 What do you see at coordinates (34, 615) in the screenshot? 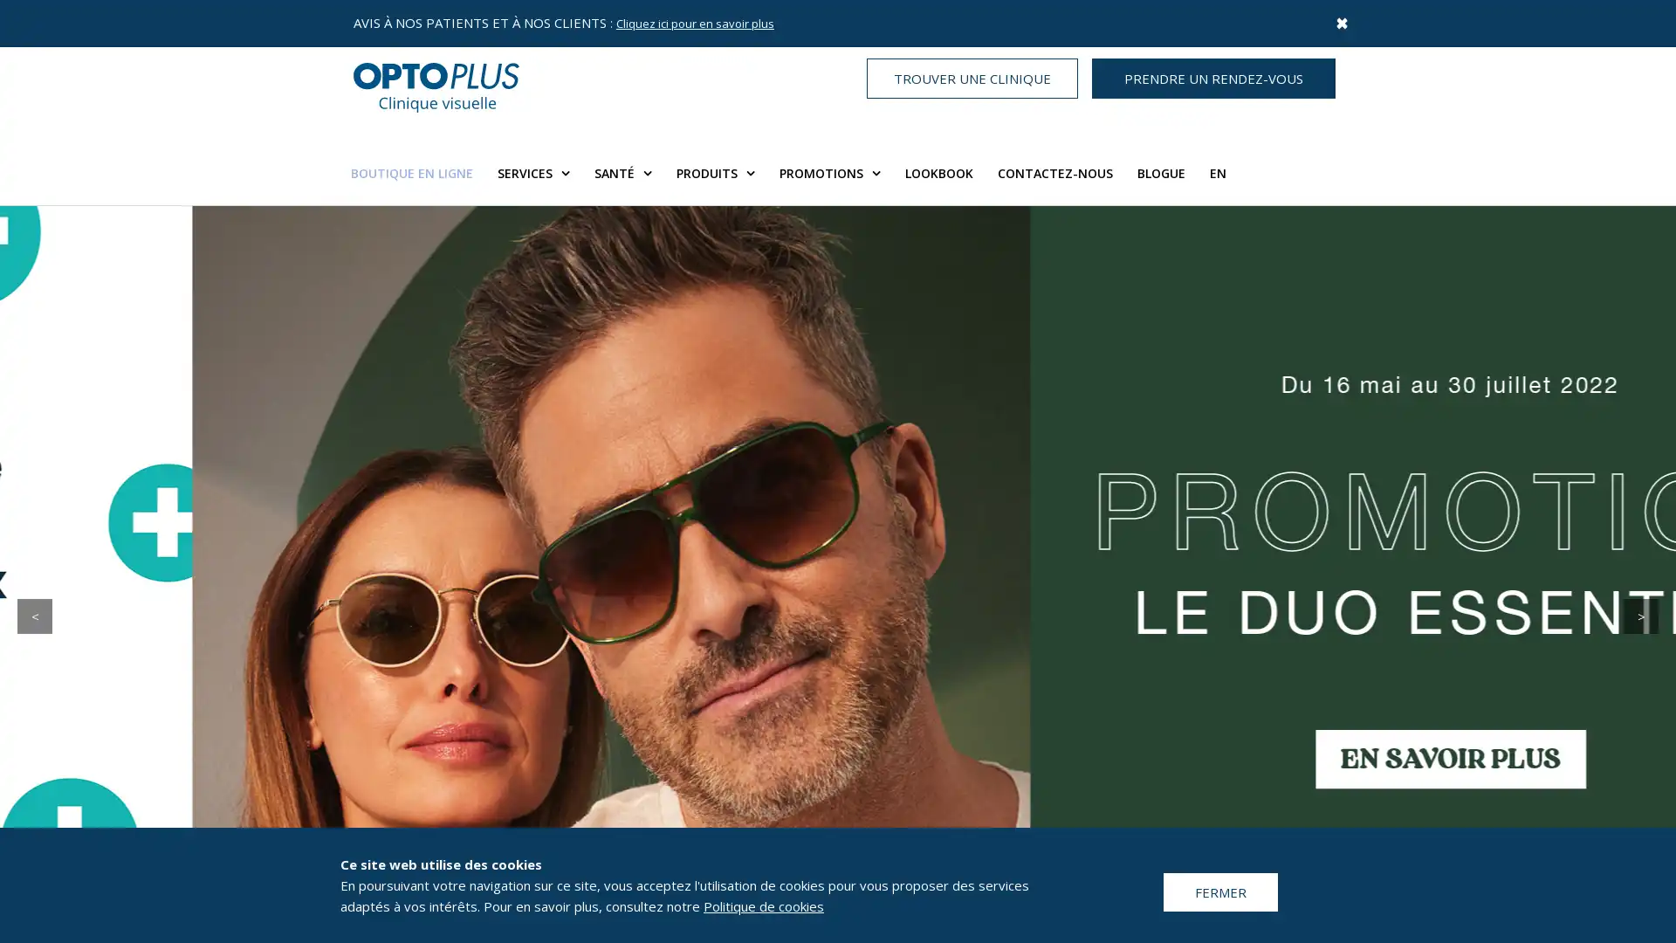
I see `<` at bounding box center [34, 615].